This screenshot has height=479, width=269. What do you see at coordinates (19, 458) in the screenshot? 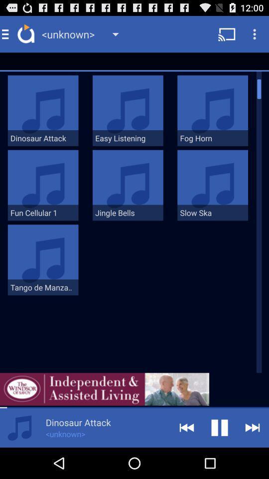
I see `the music icon` at bounding box center [19, 458].